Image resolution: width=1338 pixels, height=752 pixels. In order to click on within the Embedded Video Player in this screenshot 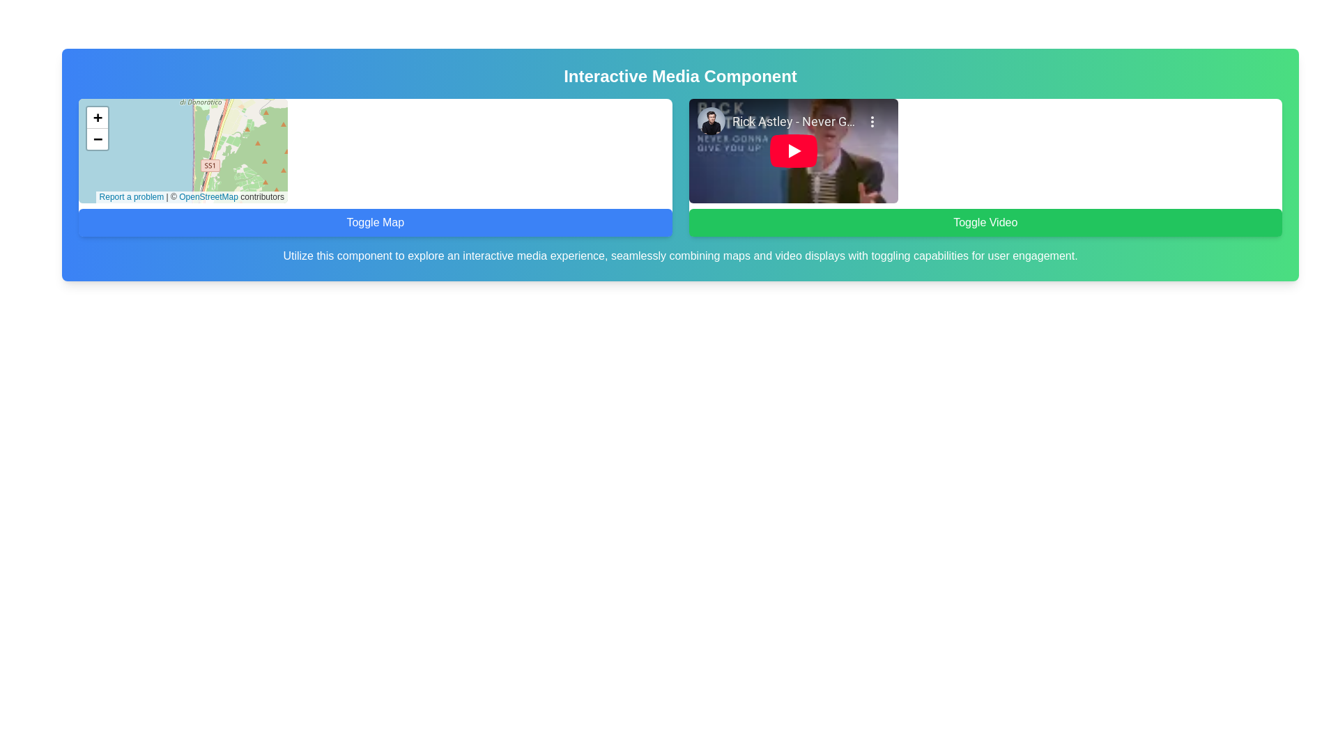, I will do `click(793, 150)`.